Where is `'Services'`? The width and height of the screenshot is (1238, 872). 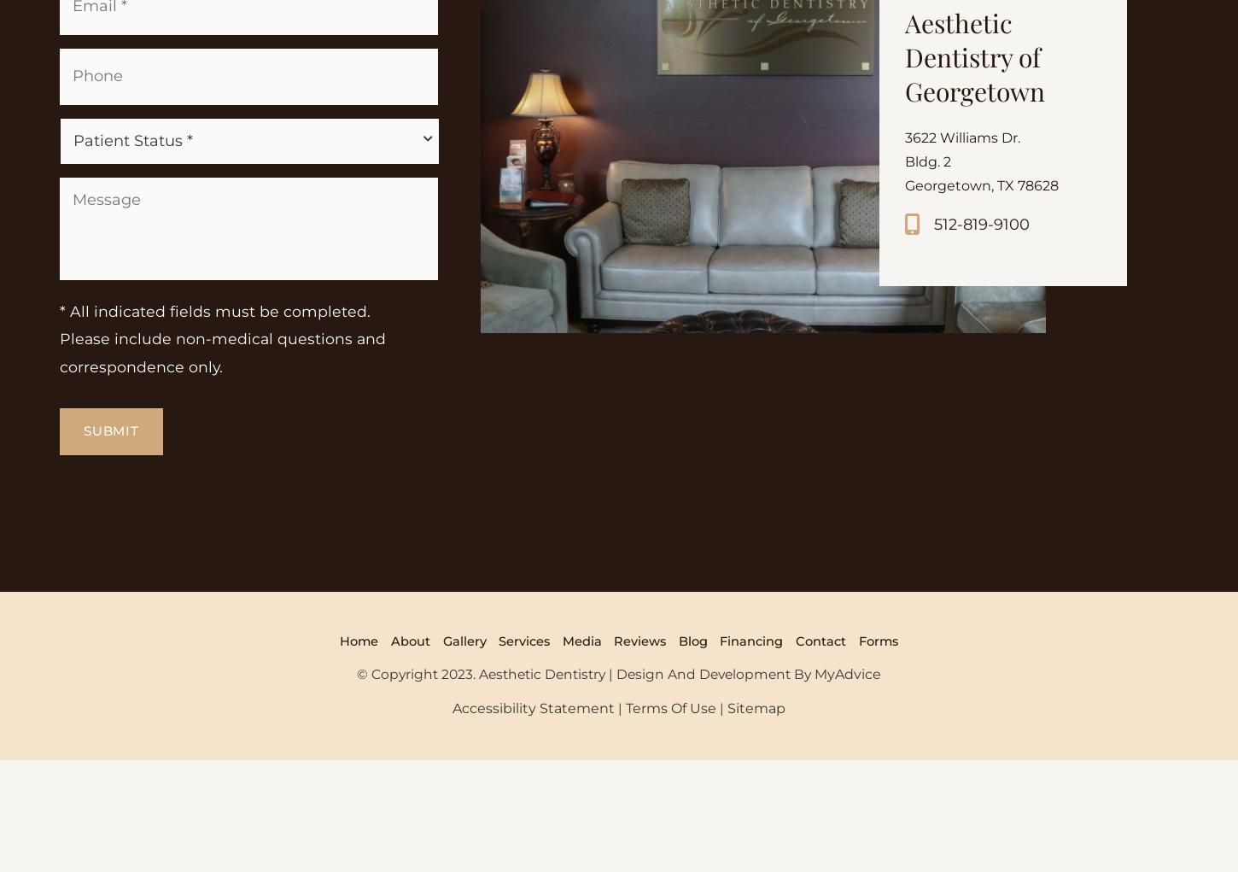
'Services' is located at coordinates (493, 757).